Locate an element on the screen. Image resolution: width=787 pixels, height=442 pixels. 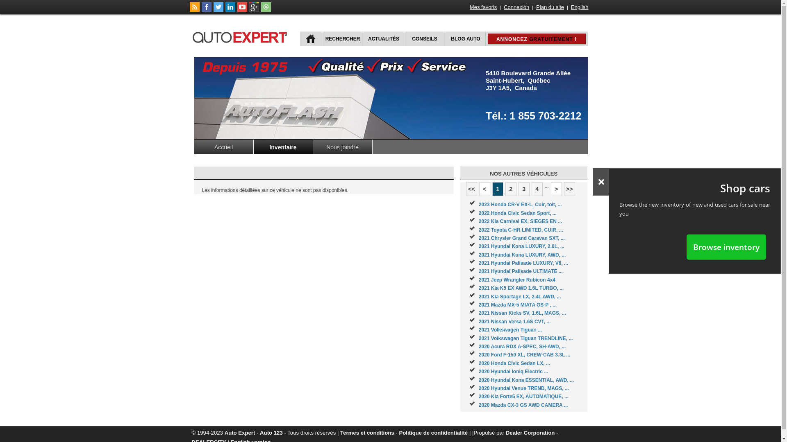
'2021 Nissan Versa 1.6S CVT, ...' is located at coordinates (514, 321).